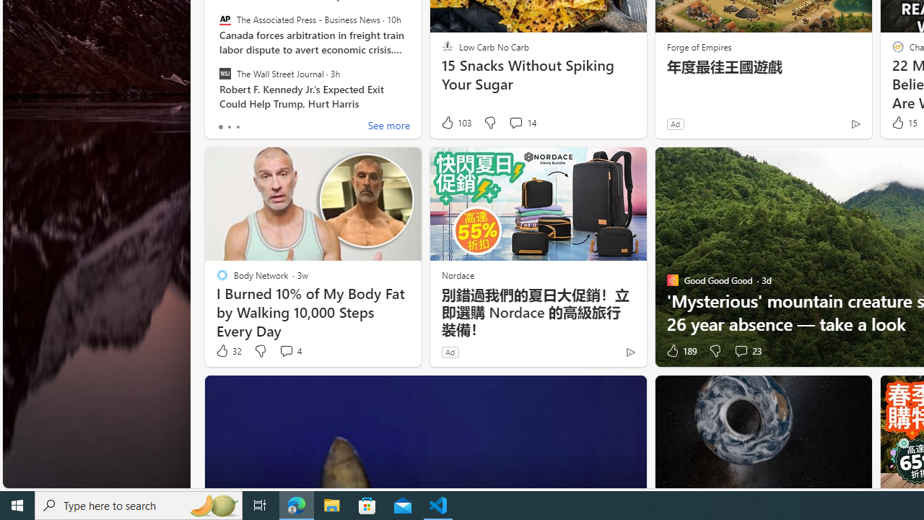  Describe the element at coordinates (367, 504) in the screenshot. I see `'Microsoft Store'` at that location.